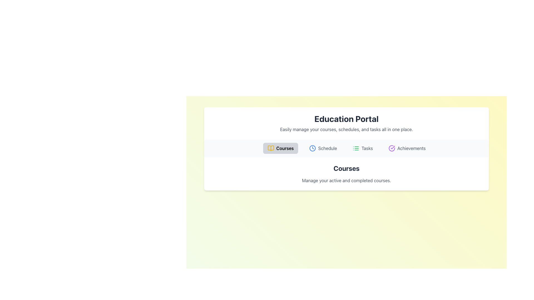 The image size is (534, 300). Describe the element at coordinates (313, 148) in the screenshot. I see `the small blue clock icon with red hands located in the 'Schedule' section, positioned between the 'Courses' and 'Tasks' sections` at that location.